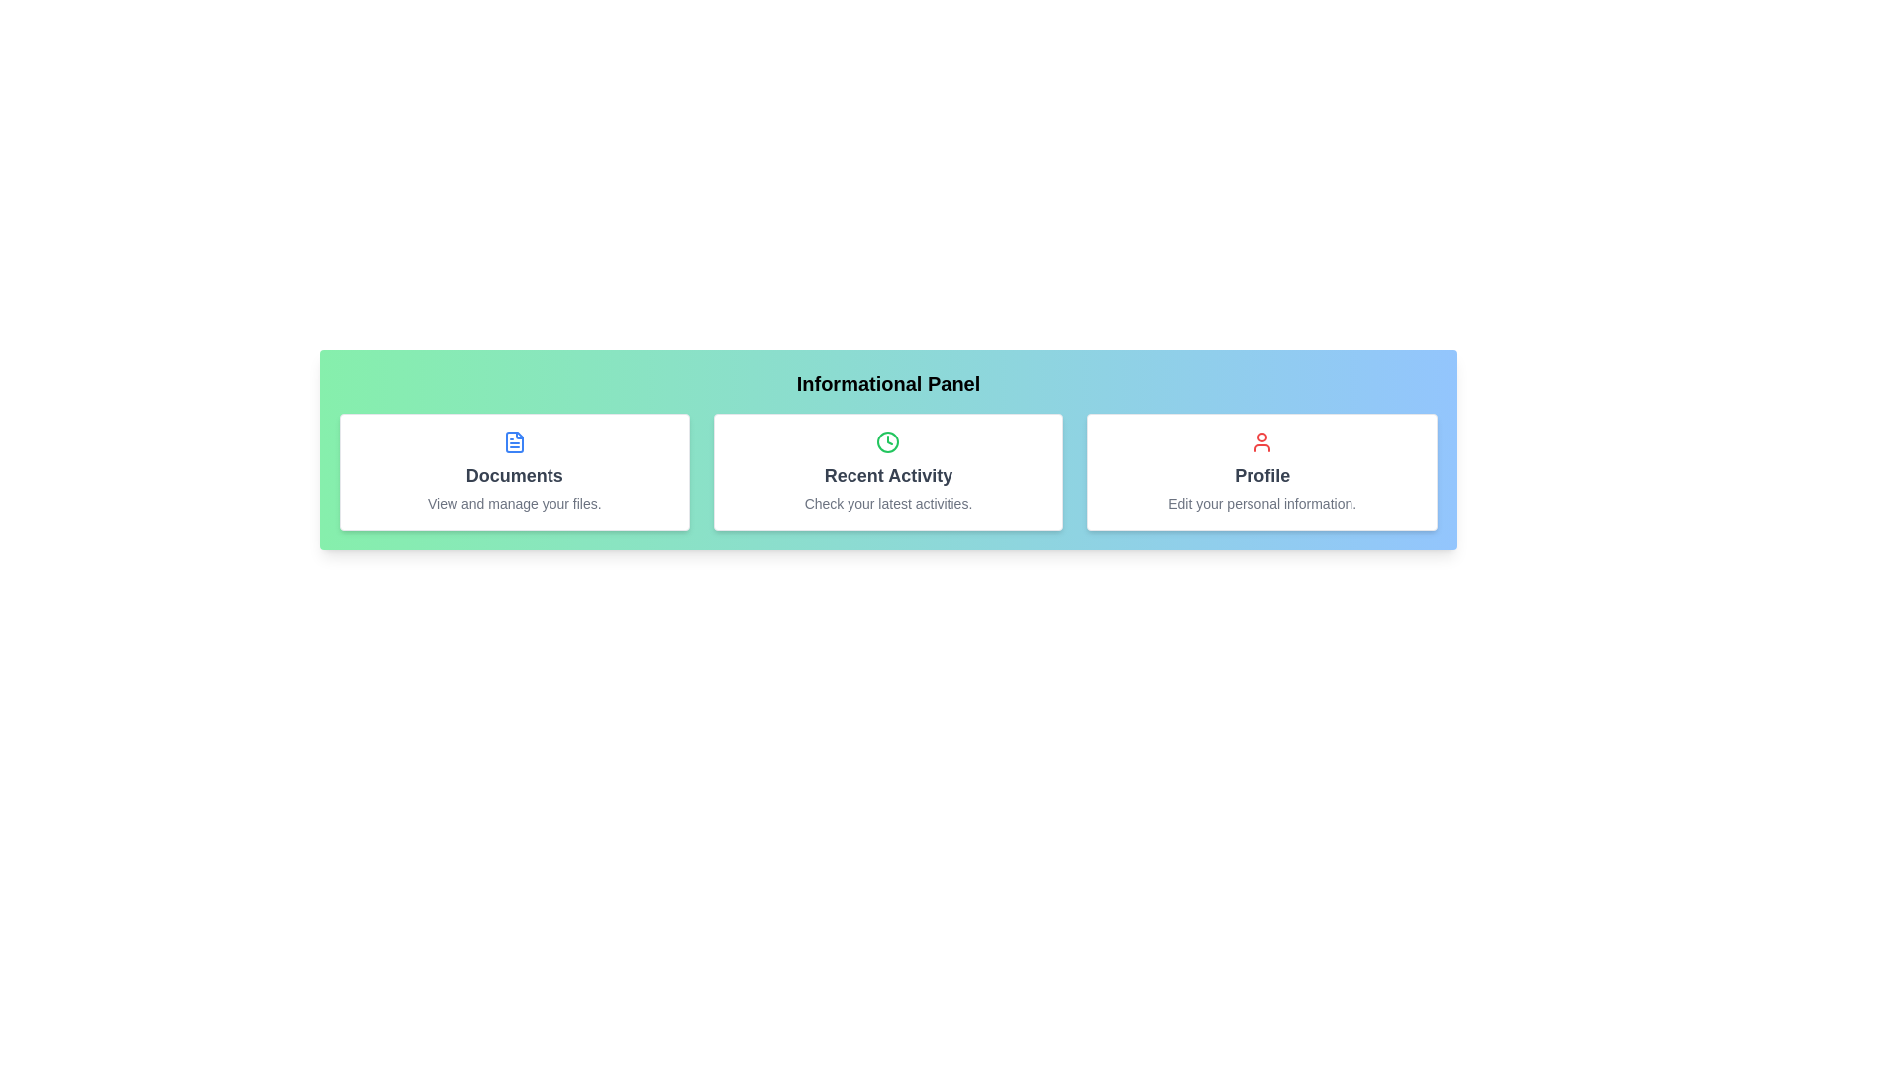  I want to click on the card labeled Documents to observe its hover effect, so click(514, 472).